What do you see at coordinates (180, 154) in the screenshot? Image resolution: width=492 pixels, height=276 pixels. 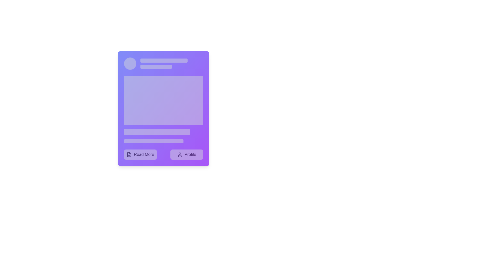 I see `the user symbol SVG icon located within the 'Profile' button, which is positioned at the leftmost section of the button and visually indicates user-related functionality` at bounding box center [180, 154].